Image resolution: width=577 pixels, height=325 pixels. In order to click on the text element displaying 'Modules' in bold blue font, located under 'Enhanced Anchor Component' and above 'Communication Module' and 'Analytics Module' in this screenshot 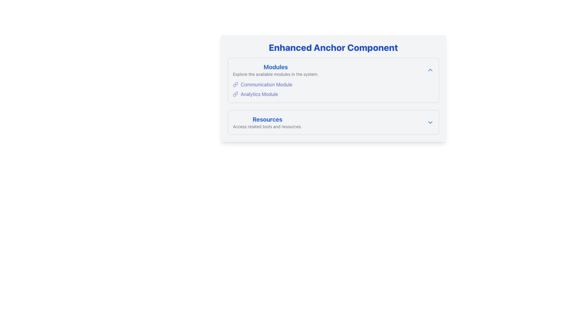, I will do `click(275, 70)`.